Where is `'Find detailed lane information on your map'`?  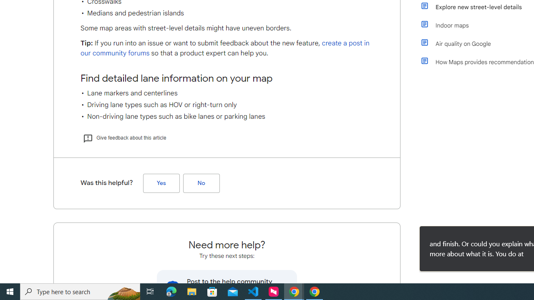 'Find detailed lane information on your map' is located at coordinates (227, 78).